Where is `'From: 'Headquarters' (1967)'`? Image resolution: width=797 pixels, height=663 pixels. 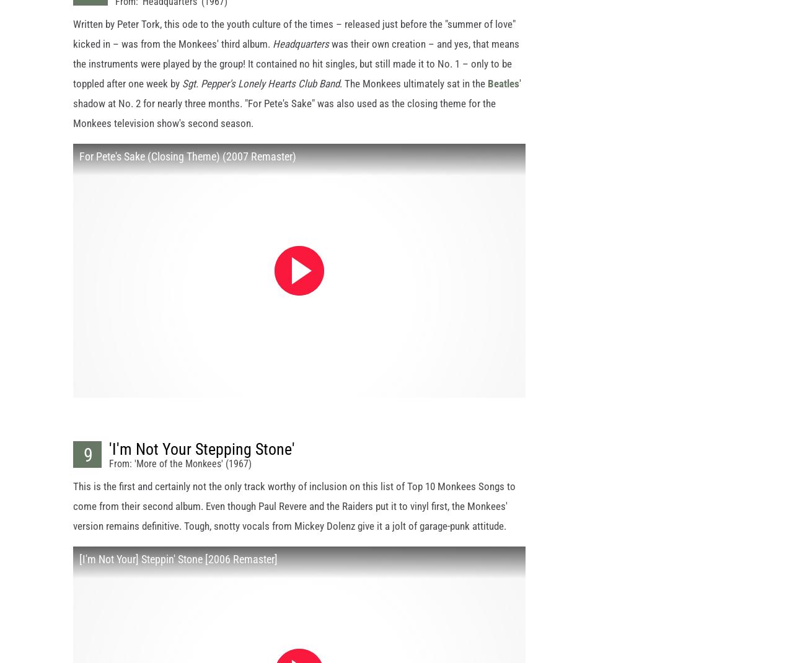 'From: 'Headquarters' (1967)' is located at coordinates (171, 12).